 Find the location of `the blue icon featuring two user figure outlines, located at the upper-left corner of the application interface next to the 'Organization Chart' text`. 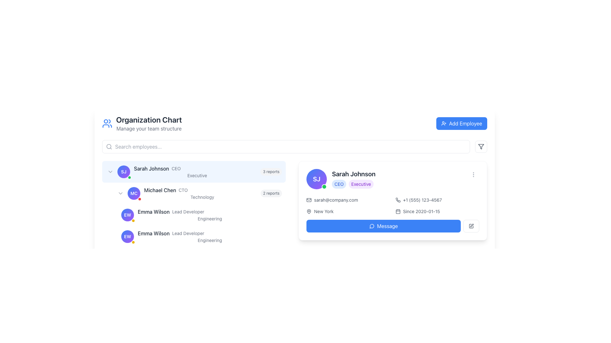

the blue icon featuring two user figure outlines, located at the upper-left corner of the application interface next to the 'Organization Chart' text is located at coordinates (107, 124).